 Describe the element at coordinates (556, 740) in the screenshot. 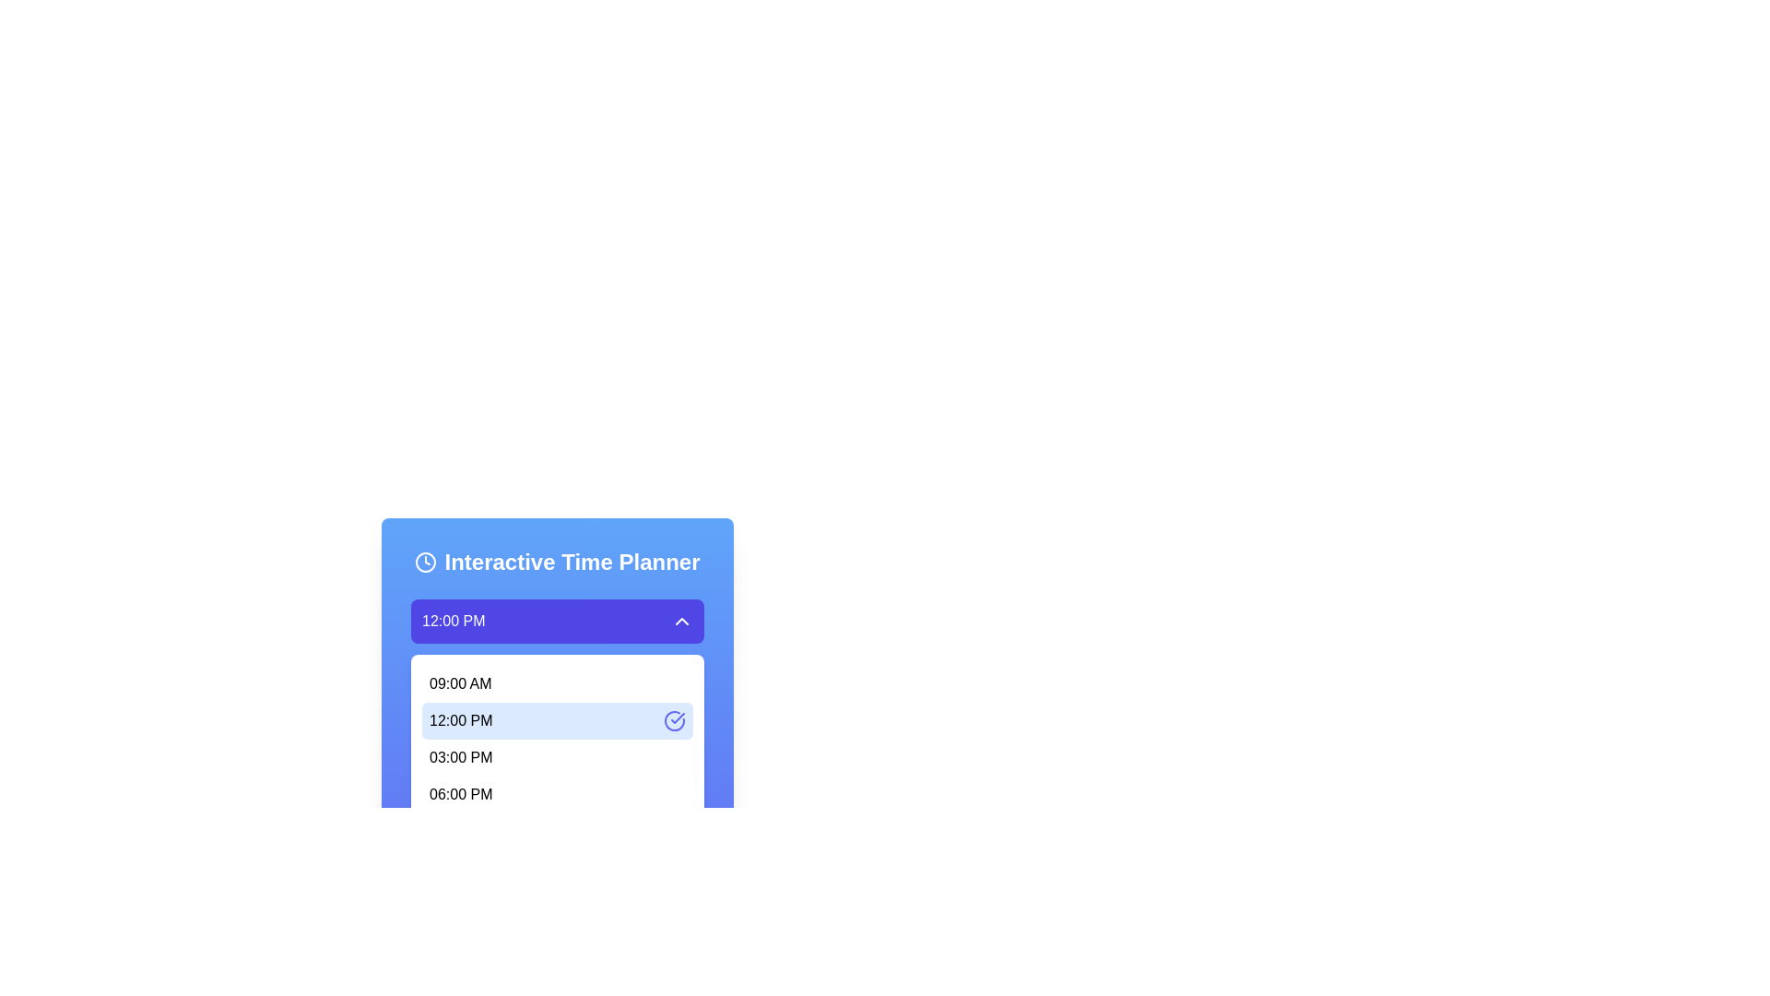

I see `the second list item of the dropdown menu under 'Interactive Time Planner', which allows users` at that location.